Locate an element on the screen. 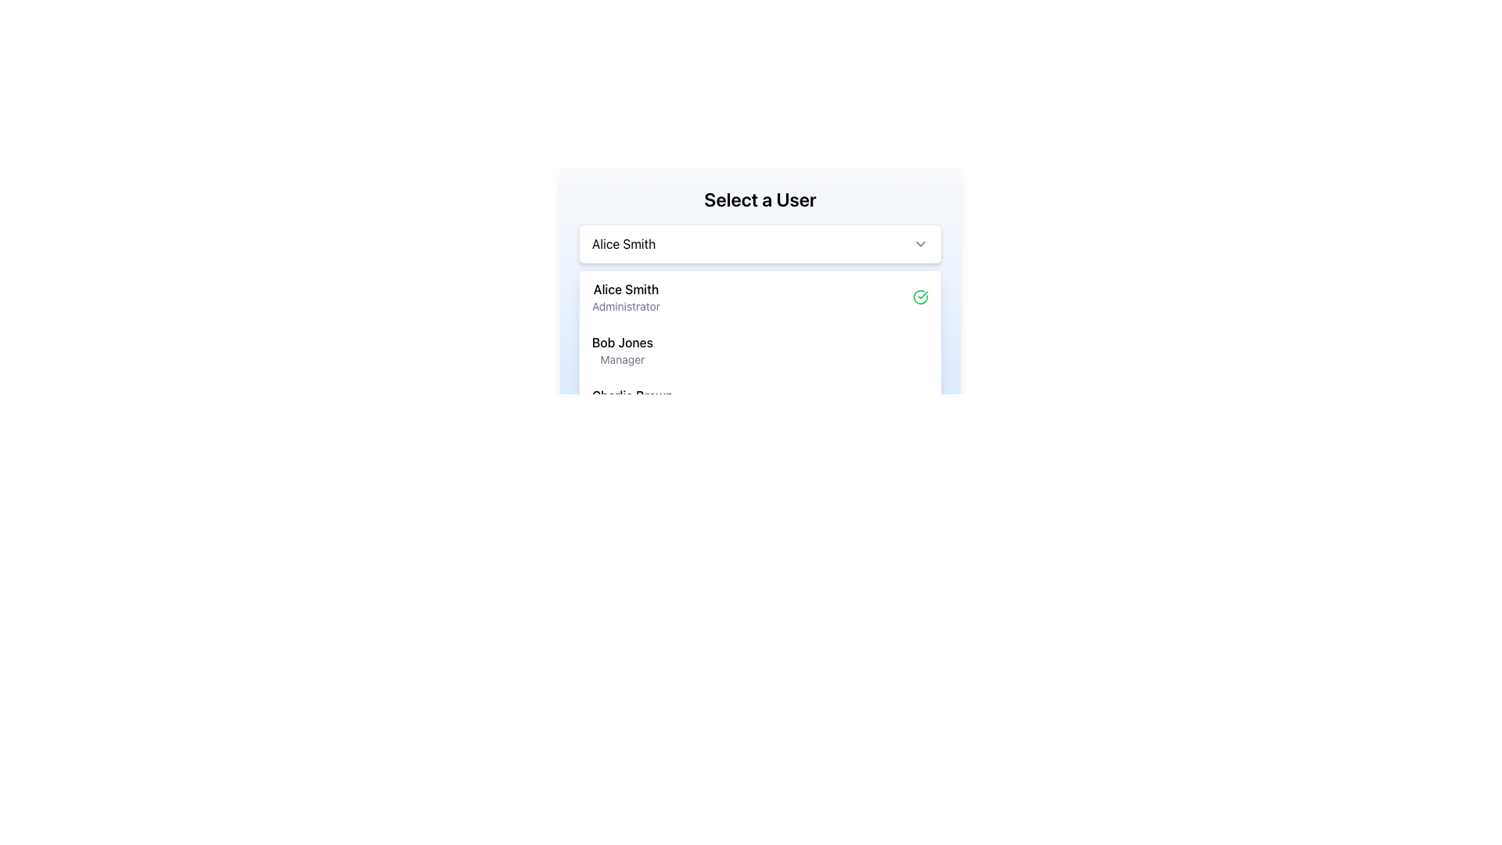 The height and width of the screenshot is (845, 1502). the dropdown option displaying 'Alice Smith' with the subtitle 'Administrator' is located at coordinates (626, 297).